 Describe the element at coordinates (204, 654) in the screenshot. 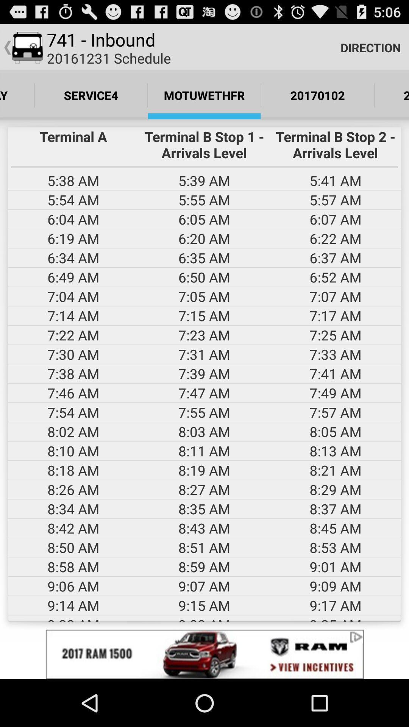

I see `advertisement` at that location.